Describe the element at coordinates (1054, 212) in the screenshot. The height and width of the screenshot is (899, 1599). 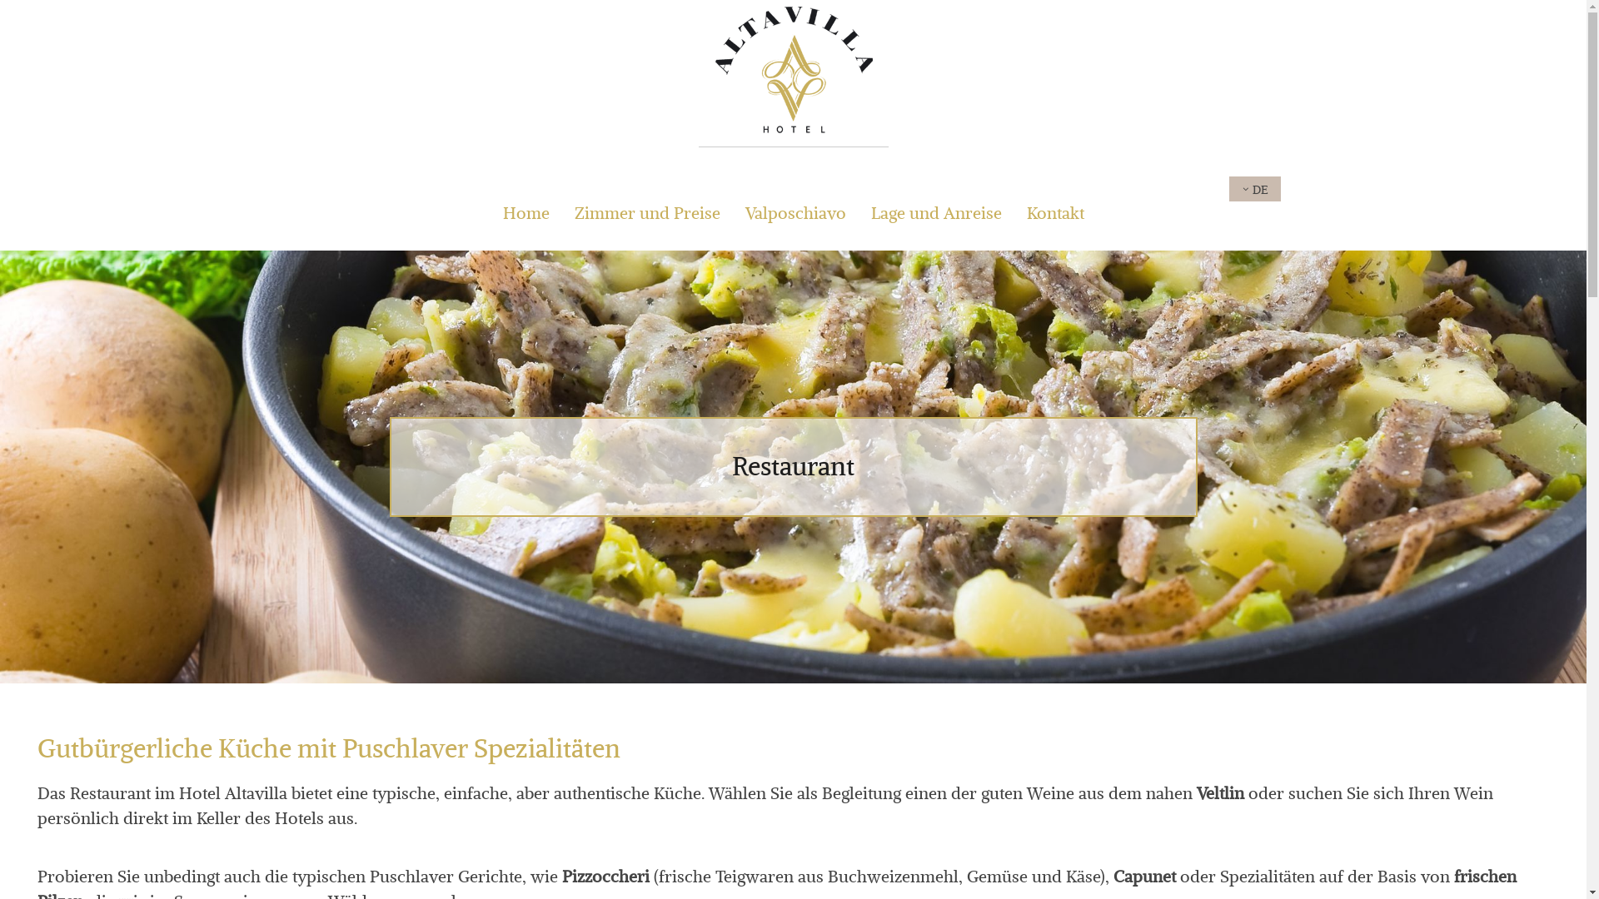
I see `'Kontakt'` at that location.